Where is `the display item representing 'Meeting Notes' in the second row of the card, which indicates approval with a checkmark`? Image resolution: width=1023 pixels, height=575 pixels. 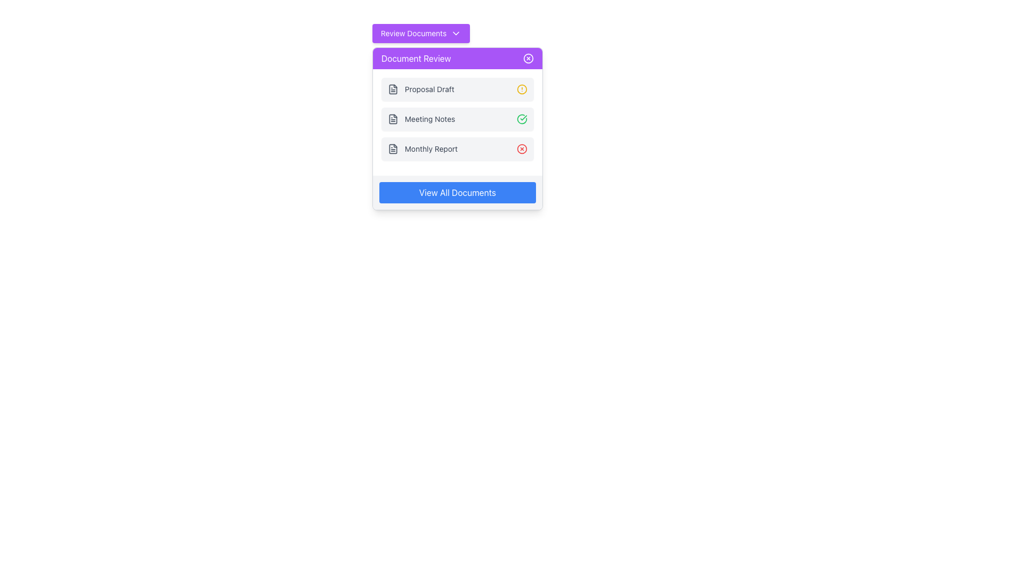 the display item representing 'Meeting Notes' in the second row of the card, which indicates approval with a checkmark is located at coordinates (457, 122).